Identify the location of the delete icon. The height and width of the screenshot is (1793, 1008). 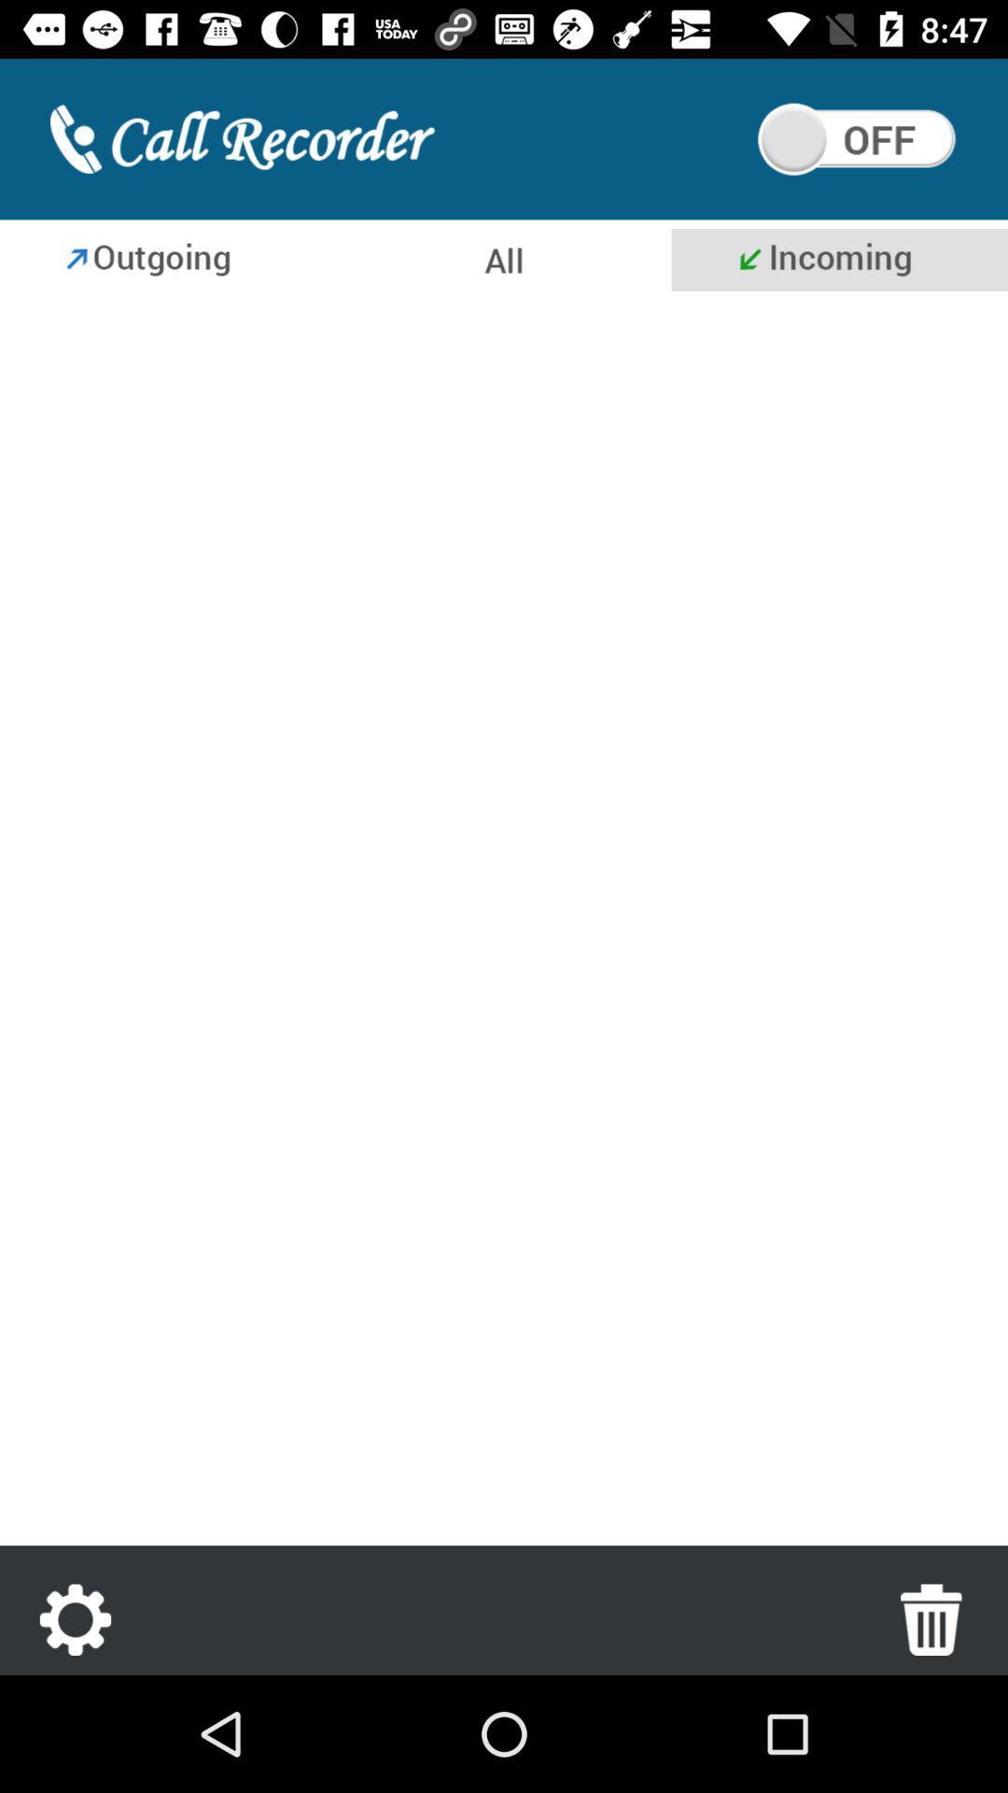
(931, 1618).